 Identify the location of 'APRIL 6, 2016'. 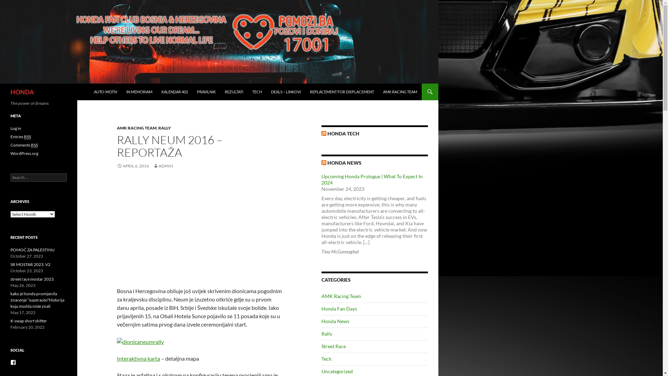
(133, 166).